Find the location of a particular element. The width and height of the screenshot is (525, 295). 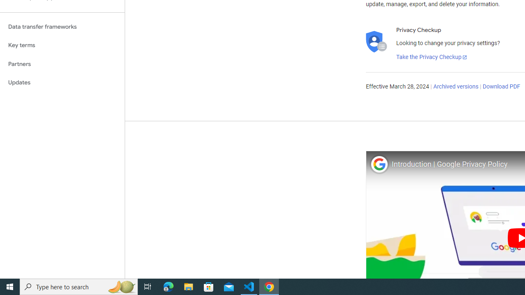

'Key terms' is located at coordinates (62, 45).